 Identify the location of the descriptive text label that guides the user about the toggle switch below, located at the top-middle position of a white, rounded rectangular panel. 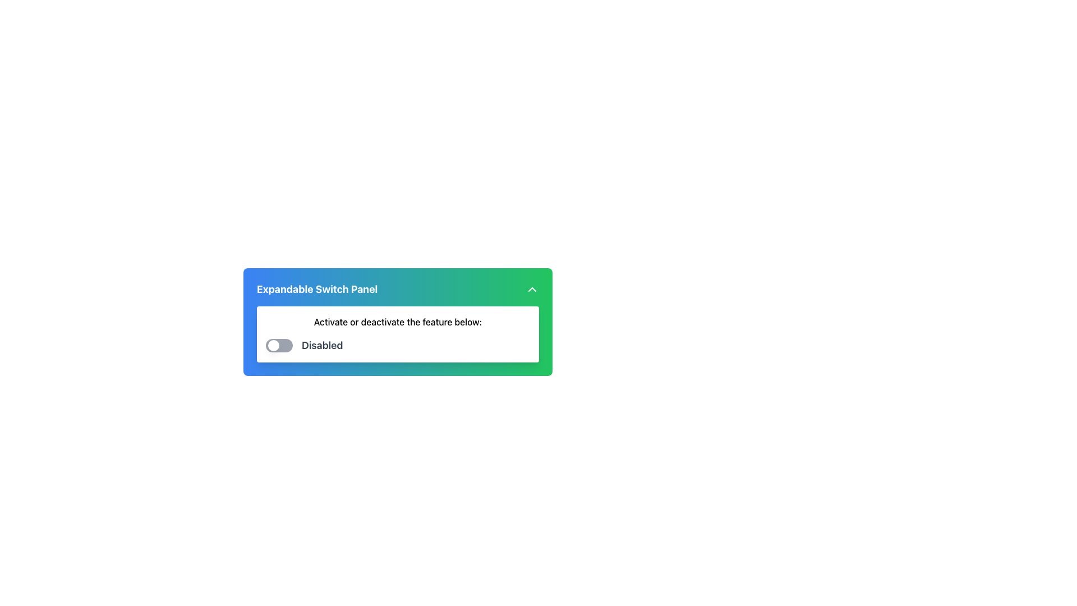
(398, 322).